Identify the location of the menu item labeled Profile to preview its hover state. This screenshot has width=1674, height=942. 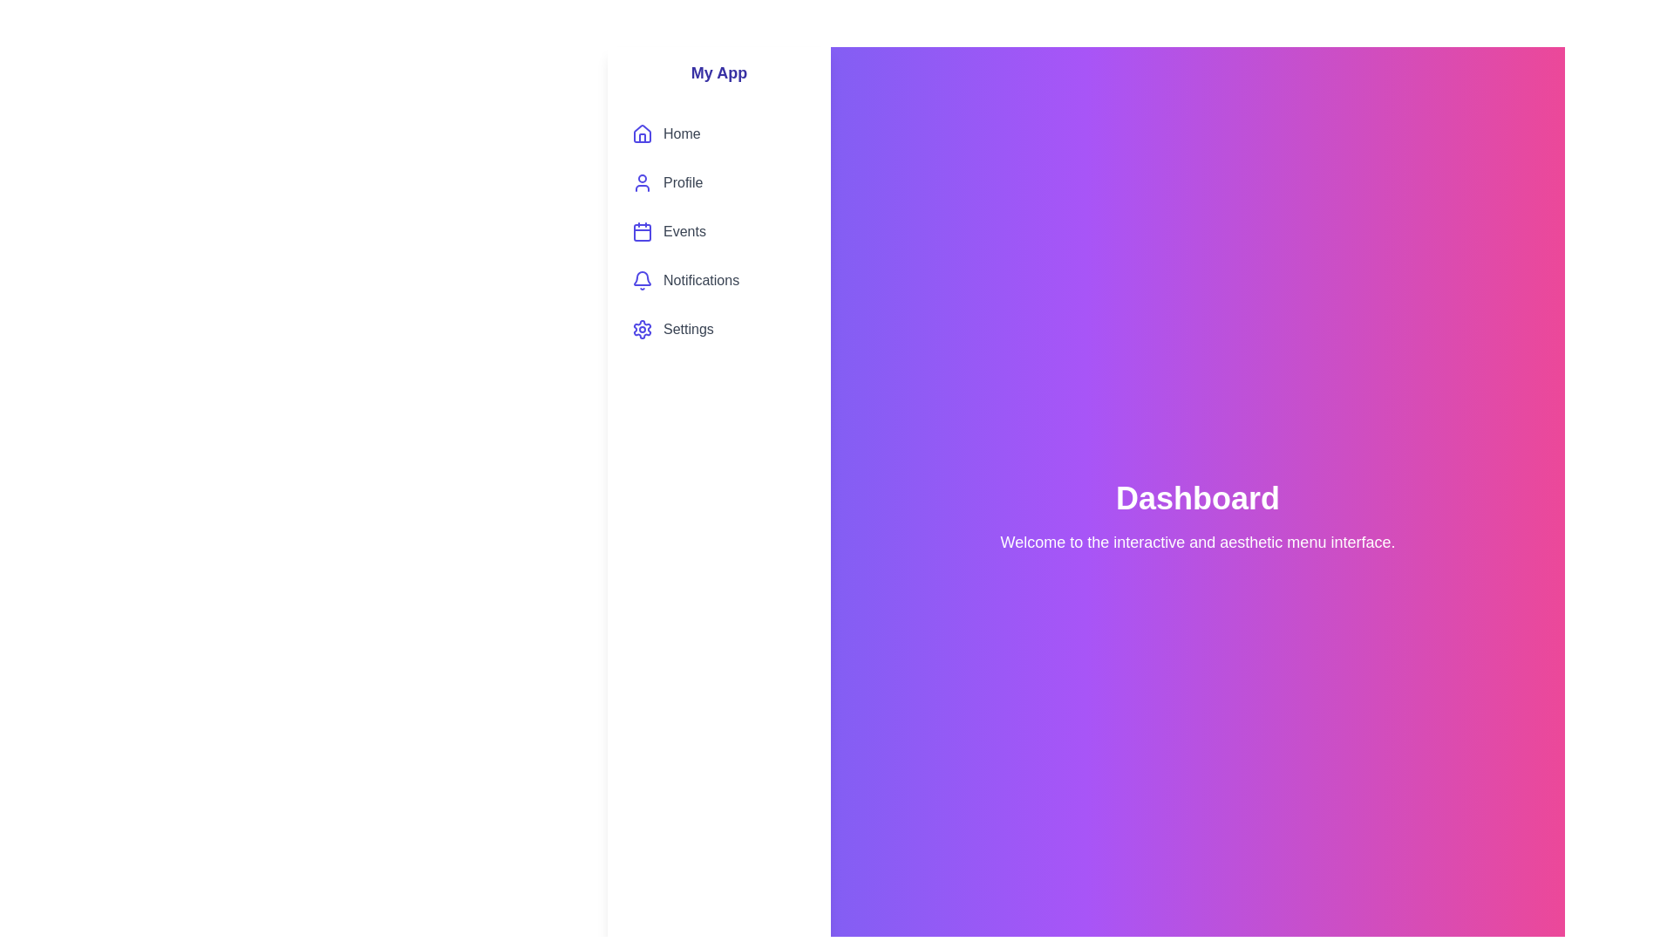
(719, 182).